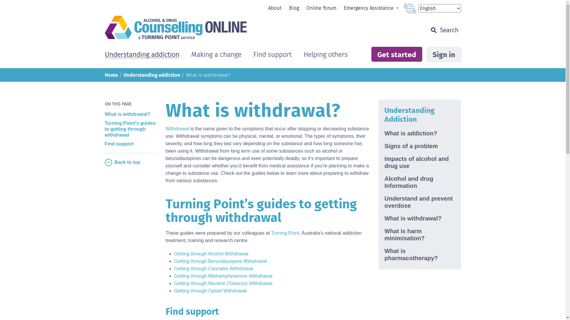 This screenshot has width=570, height=320. What do you see at coordinates (213, 268) in the screenshot?
I see `'Getting through Cannabis Withdrawal'` at bounding box center [213, 268].